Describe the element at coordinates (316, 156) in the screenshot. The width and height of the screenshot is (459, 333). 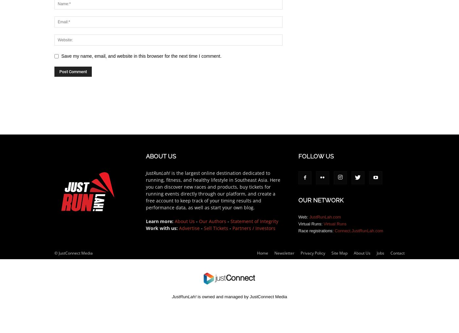
I see `'FOLLOW US'` at that location.